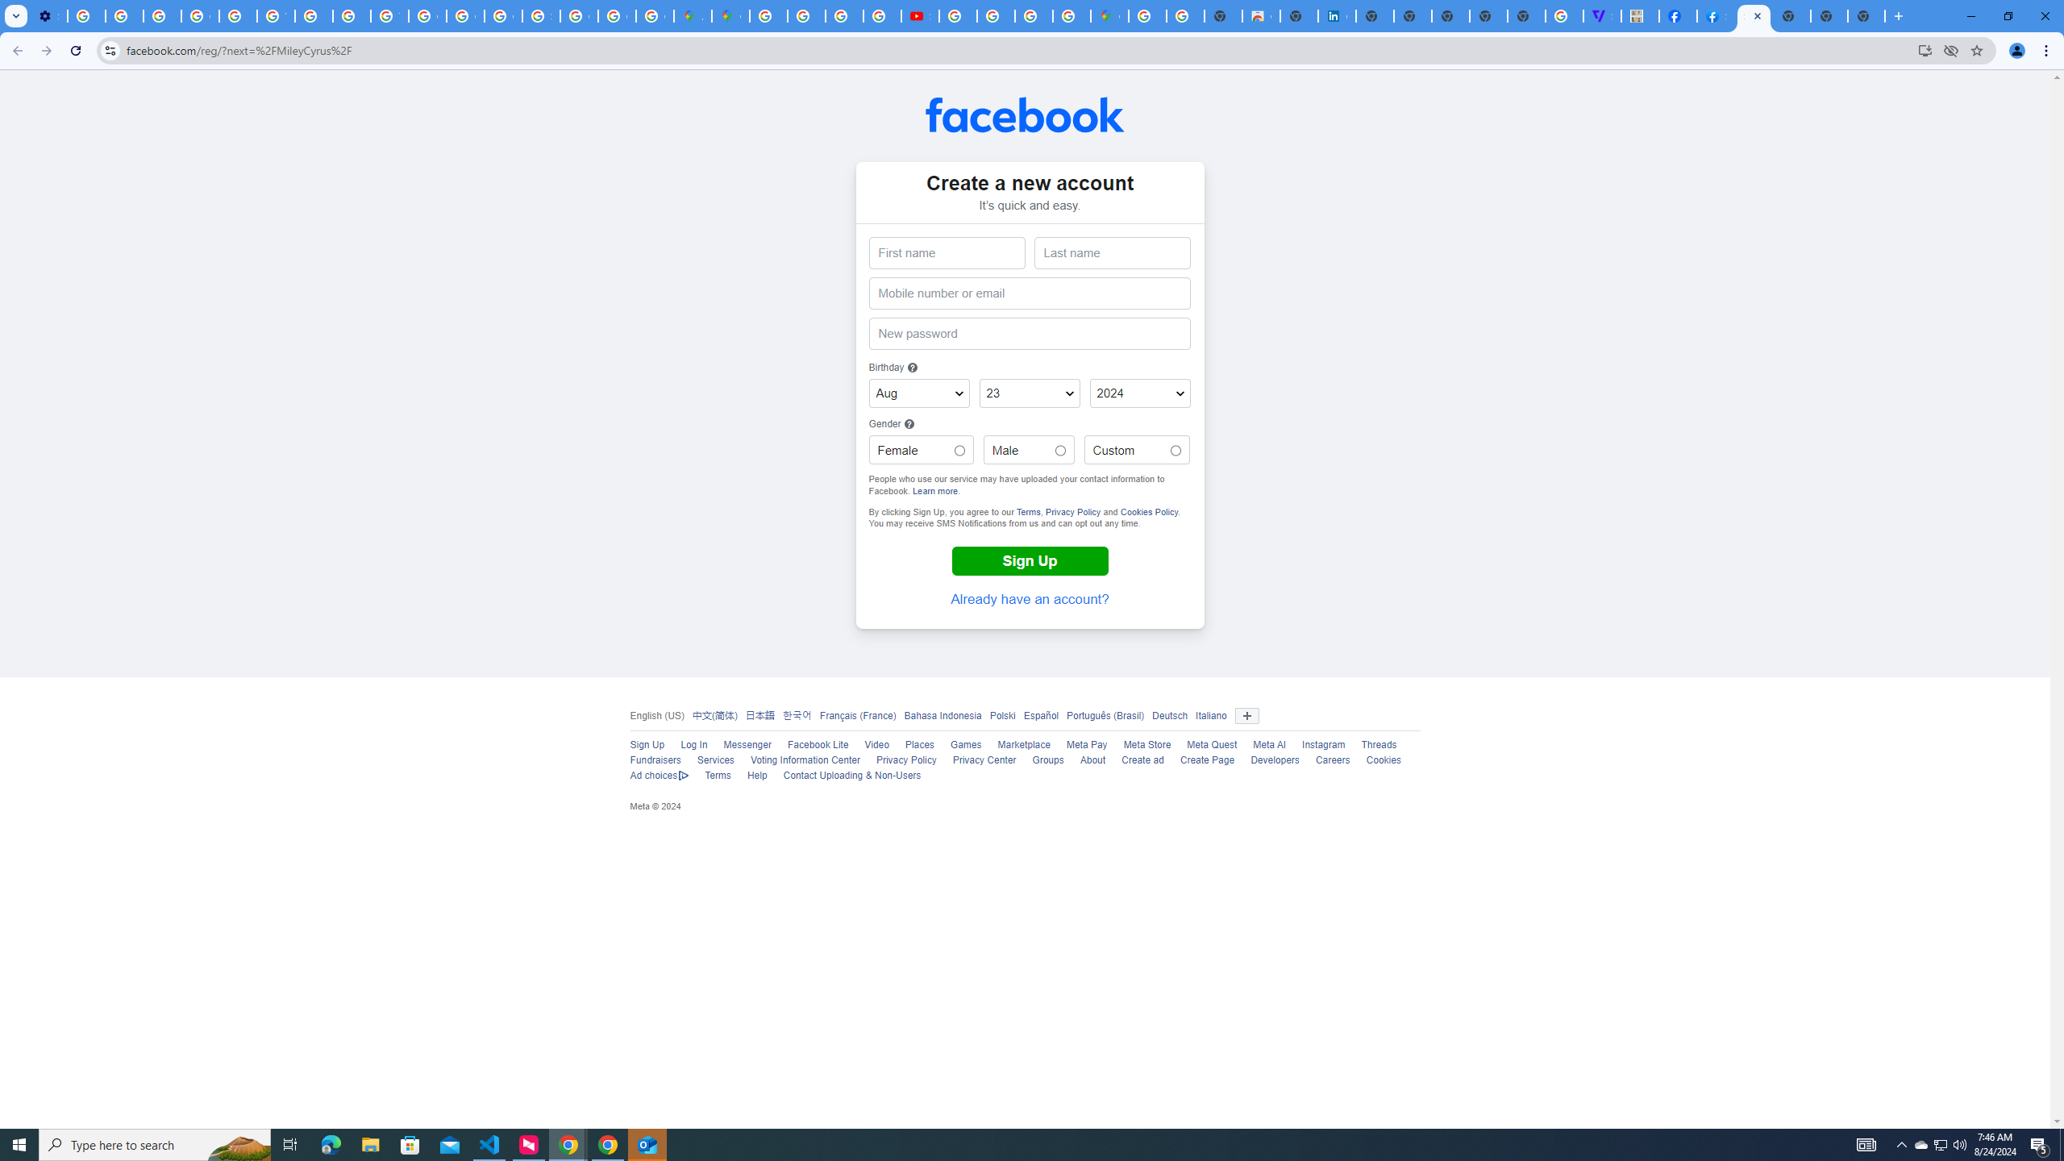 The height and width of the screenshot is (1161, 2064). What do you see at coordinates (1378, 744) in the screenshot?
I see `'Threads'` at bounding box center [1378, 744].